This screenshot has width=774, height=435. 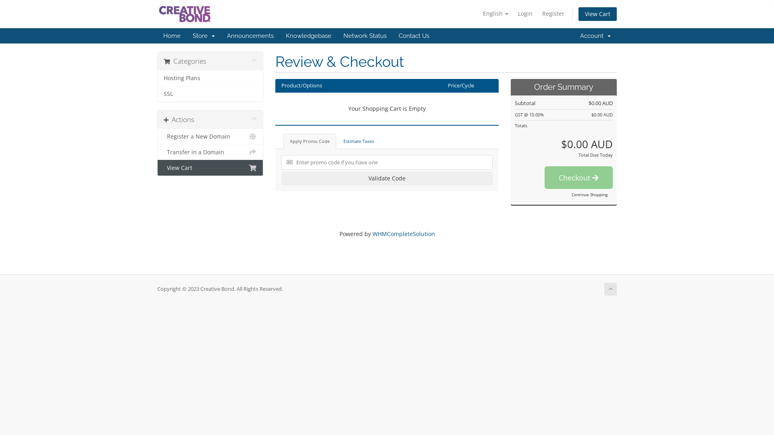 I want to click on 'Account  ', so click(x=595, y=35).